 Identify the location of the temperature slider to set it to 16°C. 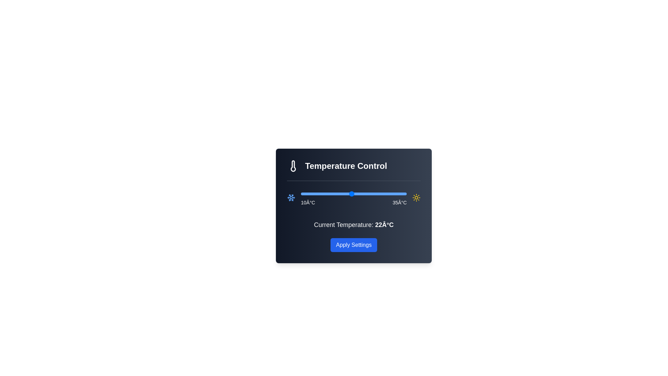
(326, 194).